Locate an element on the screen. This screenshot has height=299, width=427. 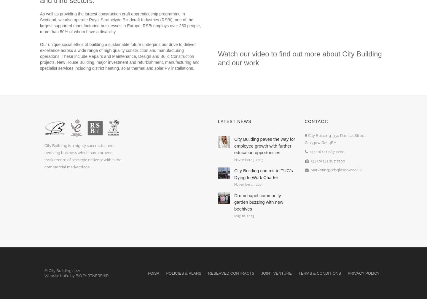
'Website build by BIG PARTNERSHIP' is located at coordinates (44, 275).